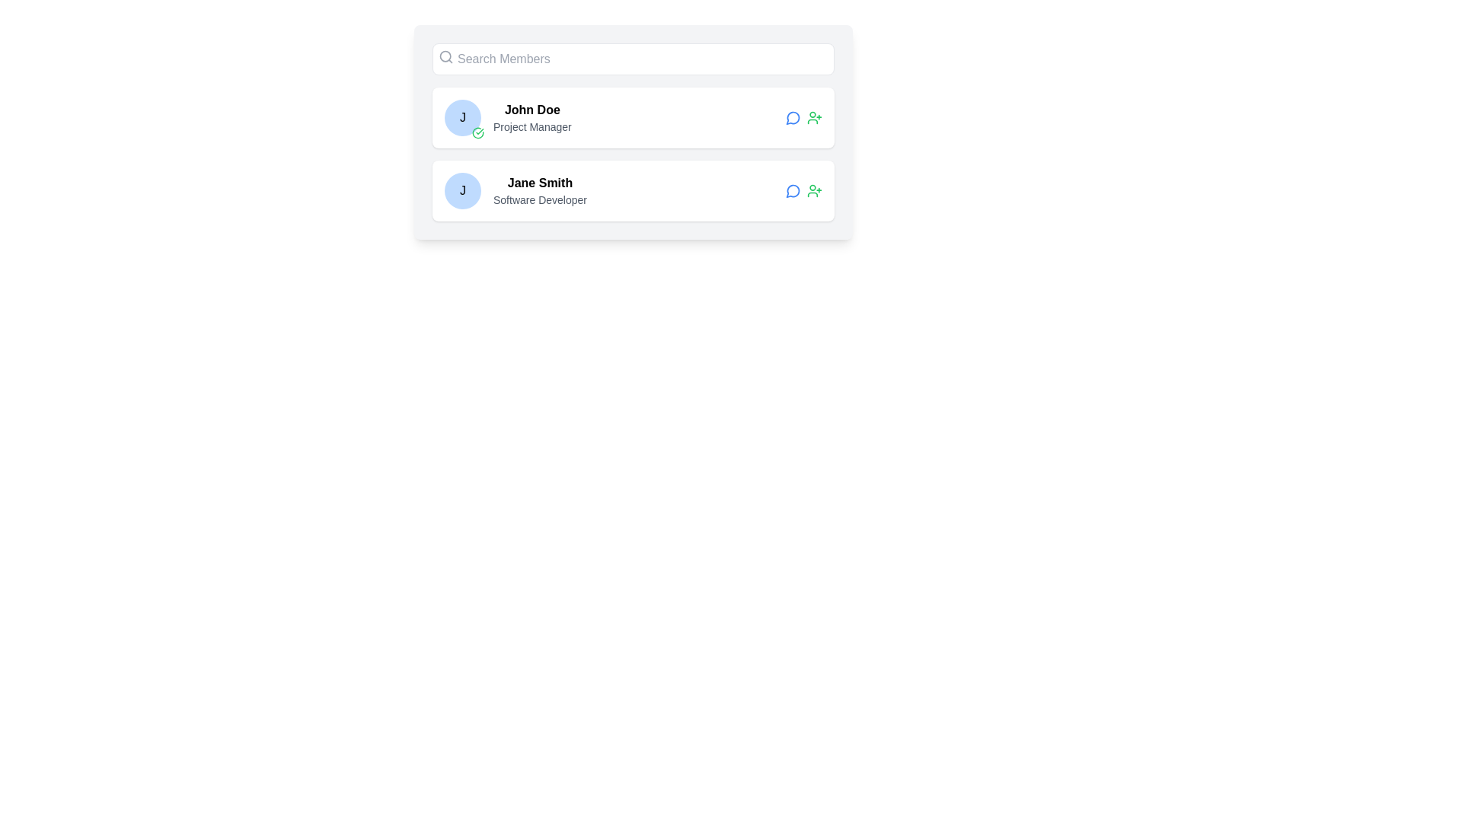 The height and width of the screenshot is (822, 1462). I want to click on text of the Profile information display, which provides the name and job title of the individual, located to the right of the circular avatar marked with 'J' and is the second entry in the user list, so click(540, 190).